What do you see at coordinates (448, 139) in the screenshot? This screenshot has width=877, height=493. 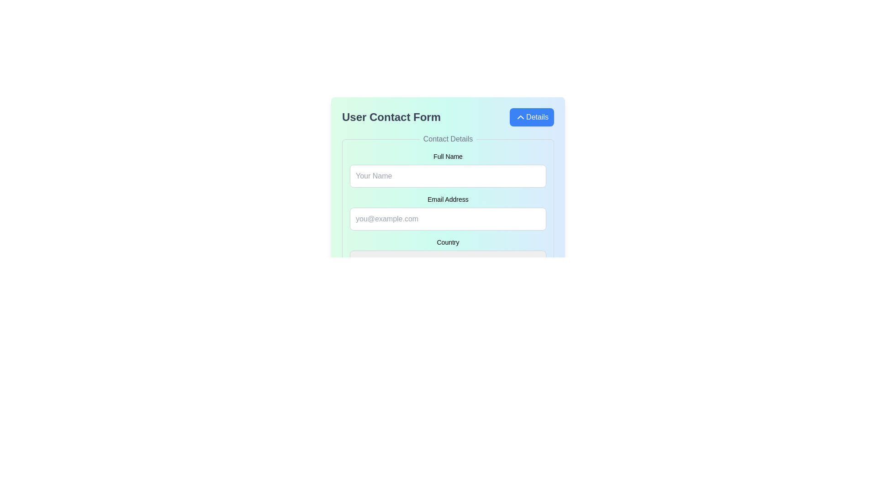 I see `the 'Contact Details' text label, which is centrally positioned beneath the 'User Contact Form' heading and has a medium font weight and gray color` at bounding box center [448, 139].